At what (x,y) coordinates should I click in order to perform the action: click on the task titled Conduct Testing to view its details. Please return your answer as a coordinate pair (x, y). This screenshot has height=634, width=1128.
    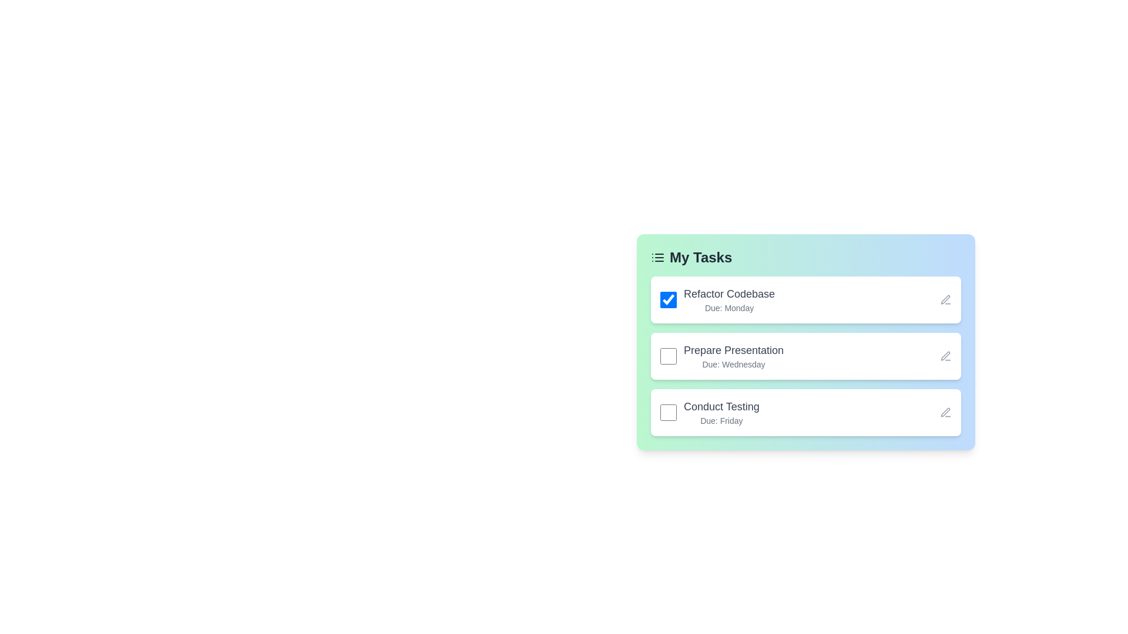
    Looking at the image, I should click on (805, 412).